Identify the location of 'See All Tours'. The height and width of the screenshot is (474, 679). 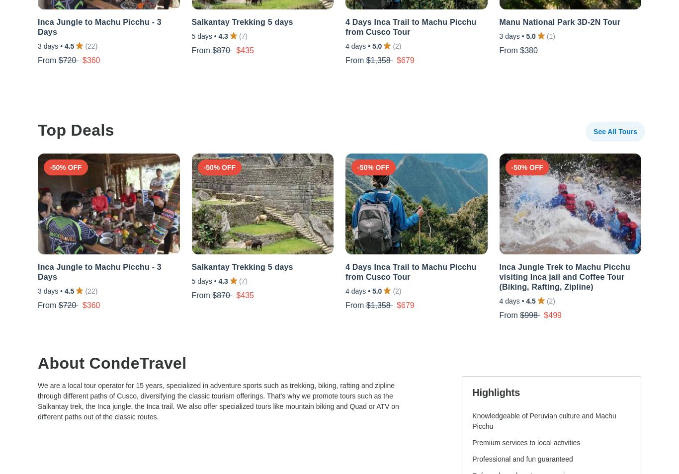
(615, 132).